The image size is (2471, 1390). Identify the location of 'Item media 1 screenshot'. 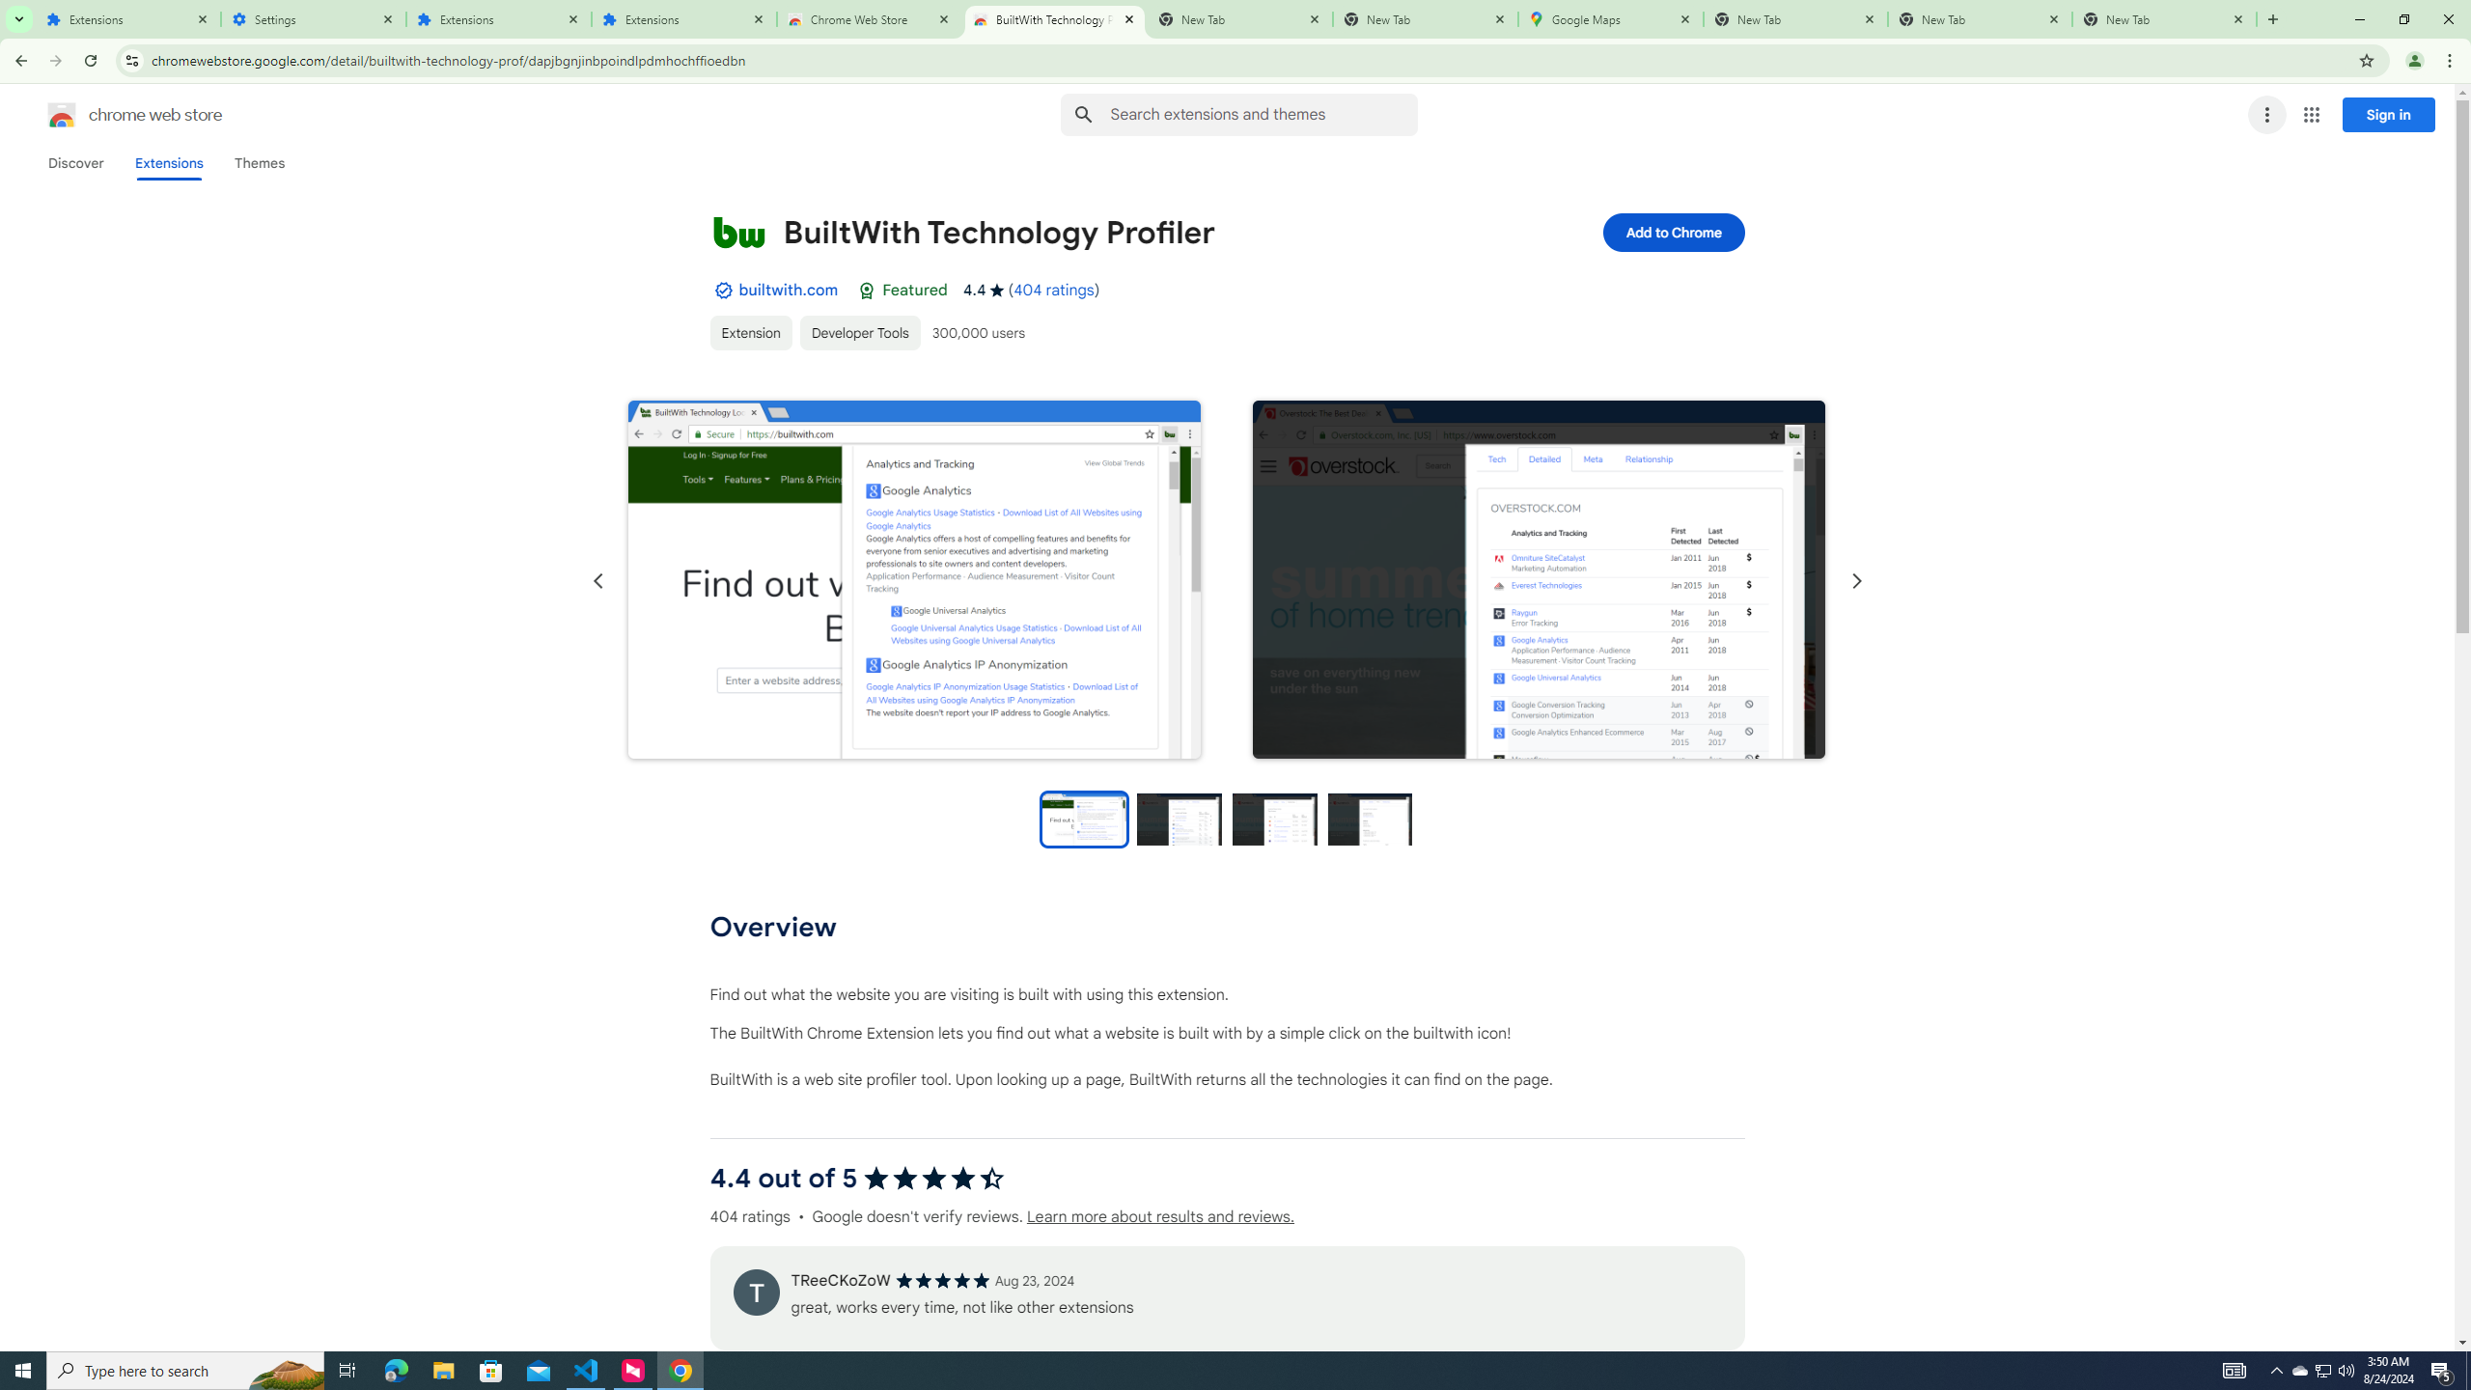
(913, 579).